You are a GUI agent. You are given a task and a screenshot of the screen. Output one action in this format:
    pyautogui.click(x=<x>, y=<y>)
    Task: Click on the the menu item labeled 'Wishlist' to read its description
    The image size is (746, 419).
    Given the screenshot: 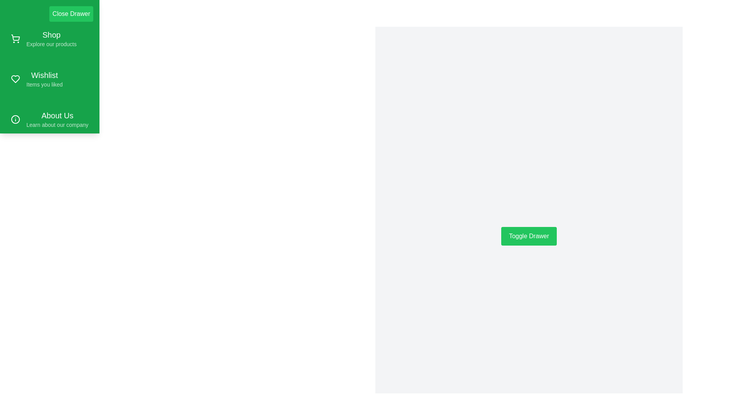 What is the action you would take?
    pyautogui.click(x=49, y=79)
    